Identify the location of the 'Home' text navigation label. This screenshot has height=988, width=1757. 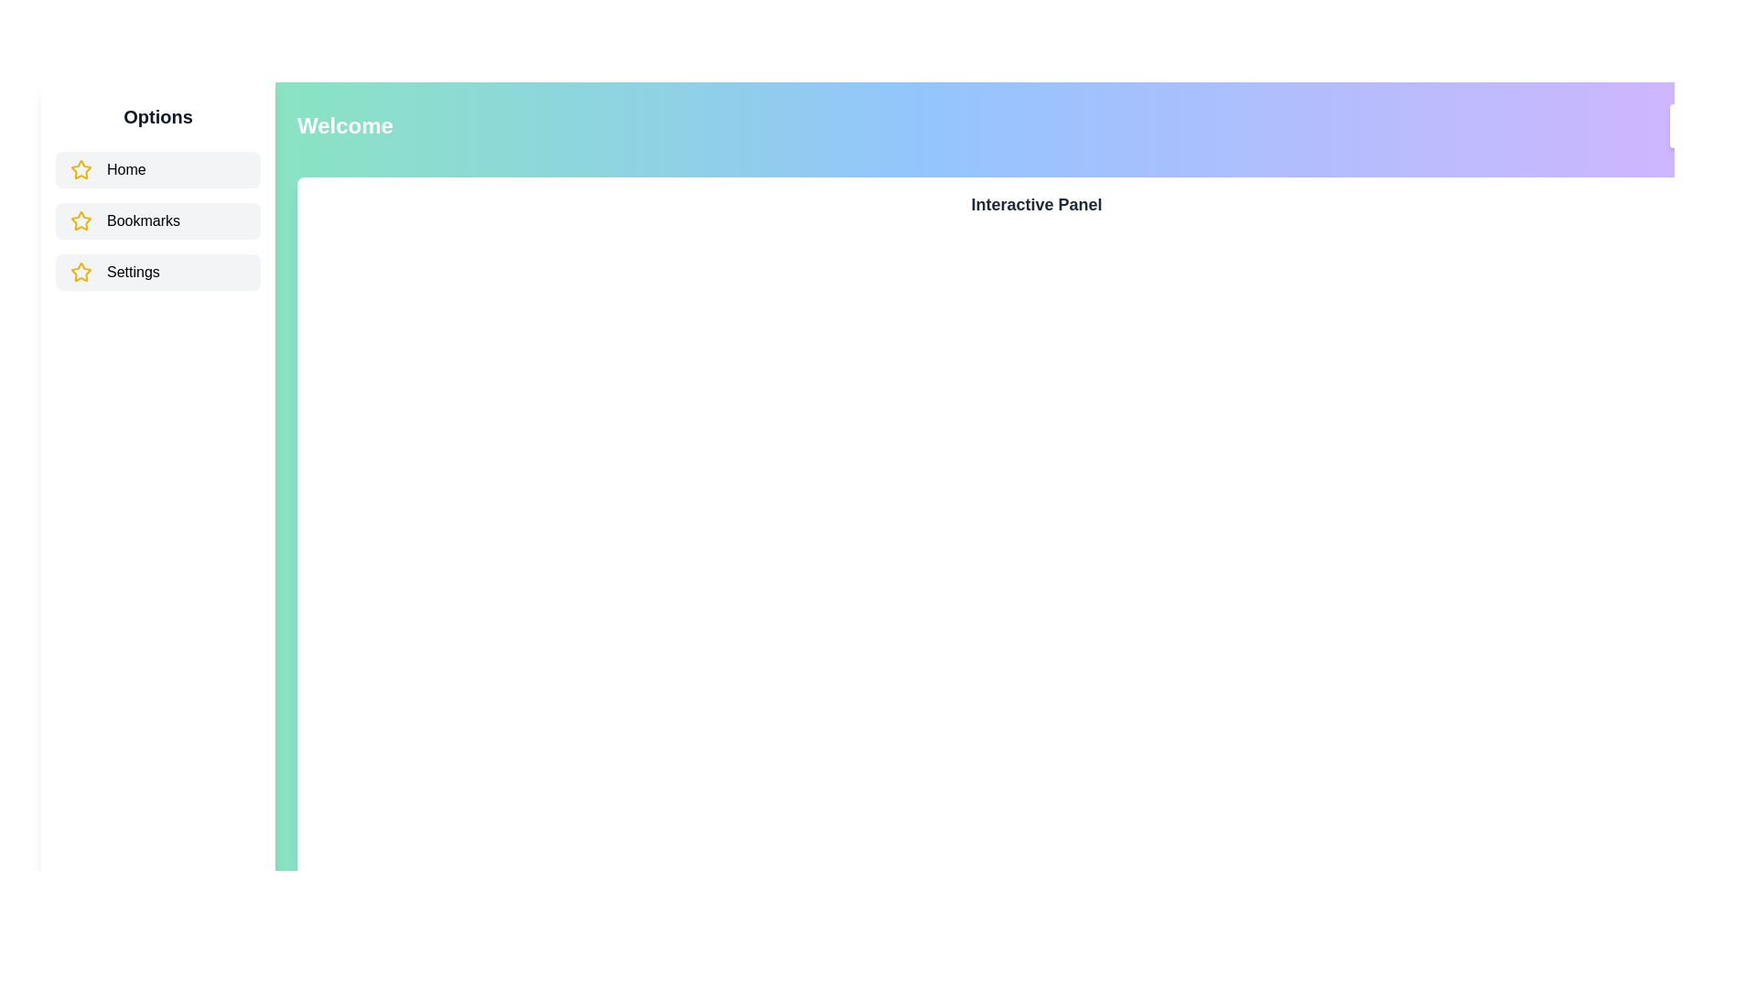
(125, 169).